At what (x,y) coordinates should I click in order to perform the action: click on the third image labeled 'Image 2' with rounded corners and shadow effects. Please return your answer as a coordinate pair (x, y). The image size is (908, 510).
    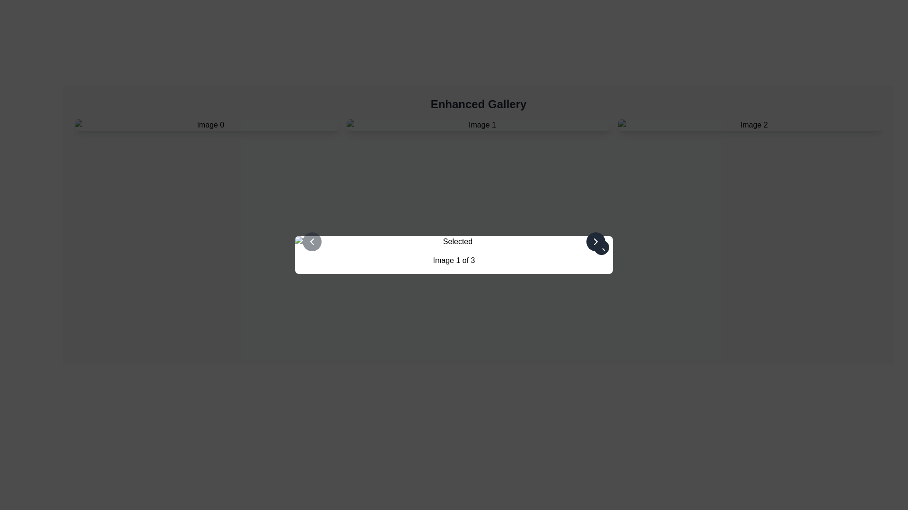
    Looking at the image, I should click on (750, 125).